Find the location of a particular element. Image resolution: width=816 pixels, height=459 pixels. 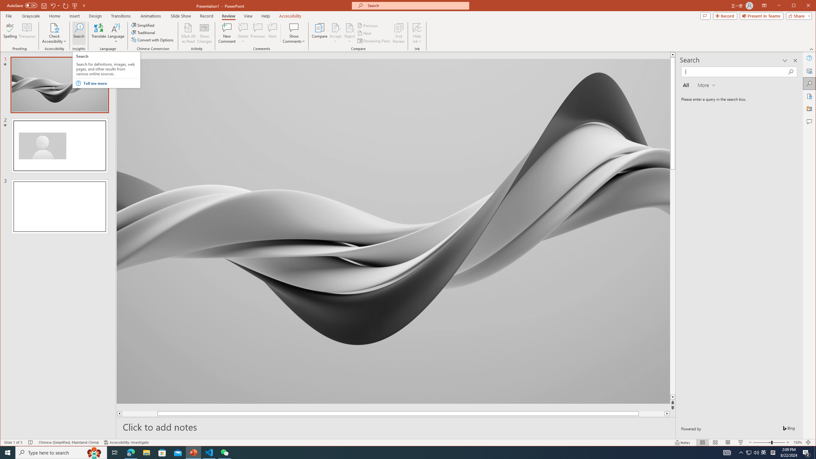

'Reject' is located at coordinates (349, 33).